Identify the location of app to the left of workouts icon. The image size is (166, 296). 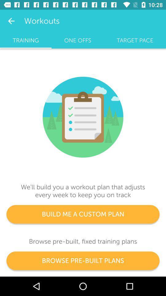
(11, 21).